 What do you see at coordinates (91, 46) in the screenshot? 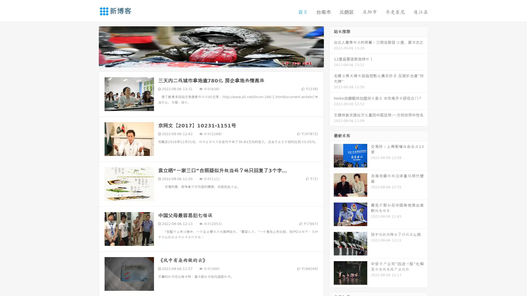
I see `Previous slide` at bounding box center [91, 46].